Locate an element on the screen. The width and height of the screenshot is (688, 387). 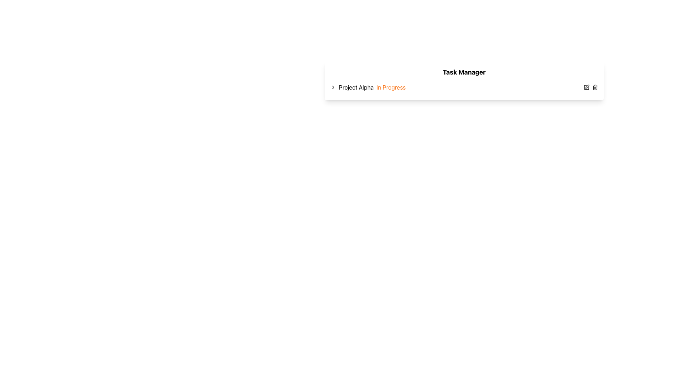
the Text Label indicating the name of a project or item, which is positioned to the right of a collapsible arrow icon and before the 'In Progress' status text is located at coordinates (356, 87).